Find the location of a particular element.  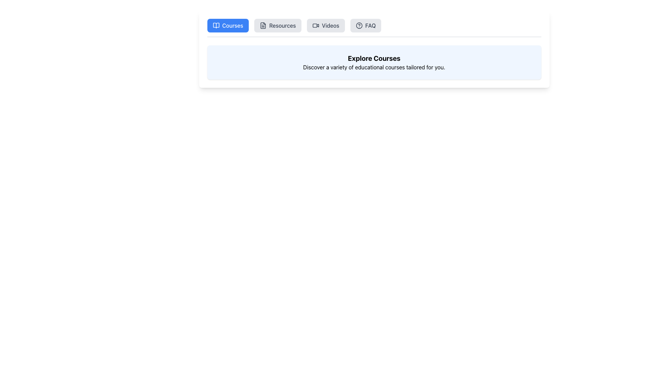

the 'Courses' button which has a blue background and a small book icon to its left, located in the top-left section of the main content area is located at coordinates (216, 25).